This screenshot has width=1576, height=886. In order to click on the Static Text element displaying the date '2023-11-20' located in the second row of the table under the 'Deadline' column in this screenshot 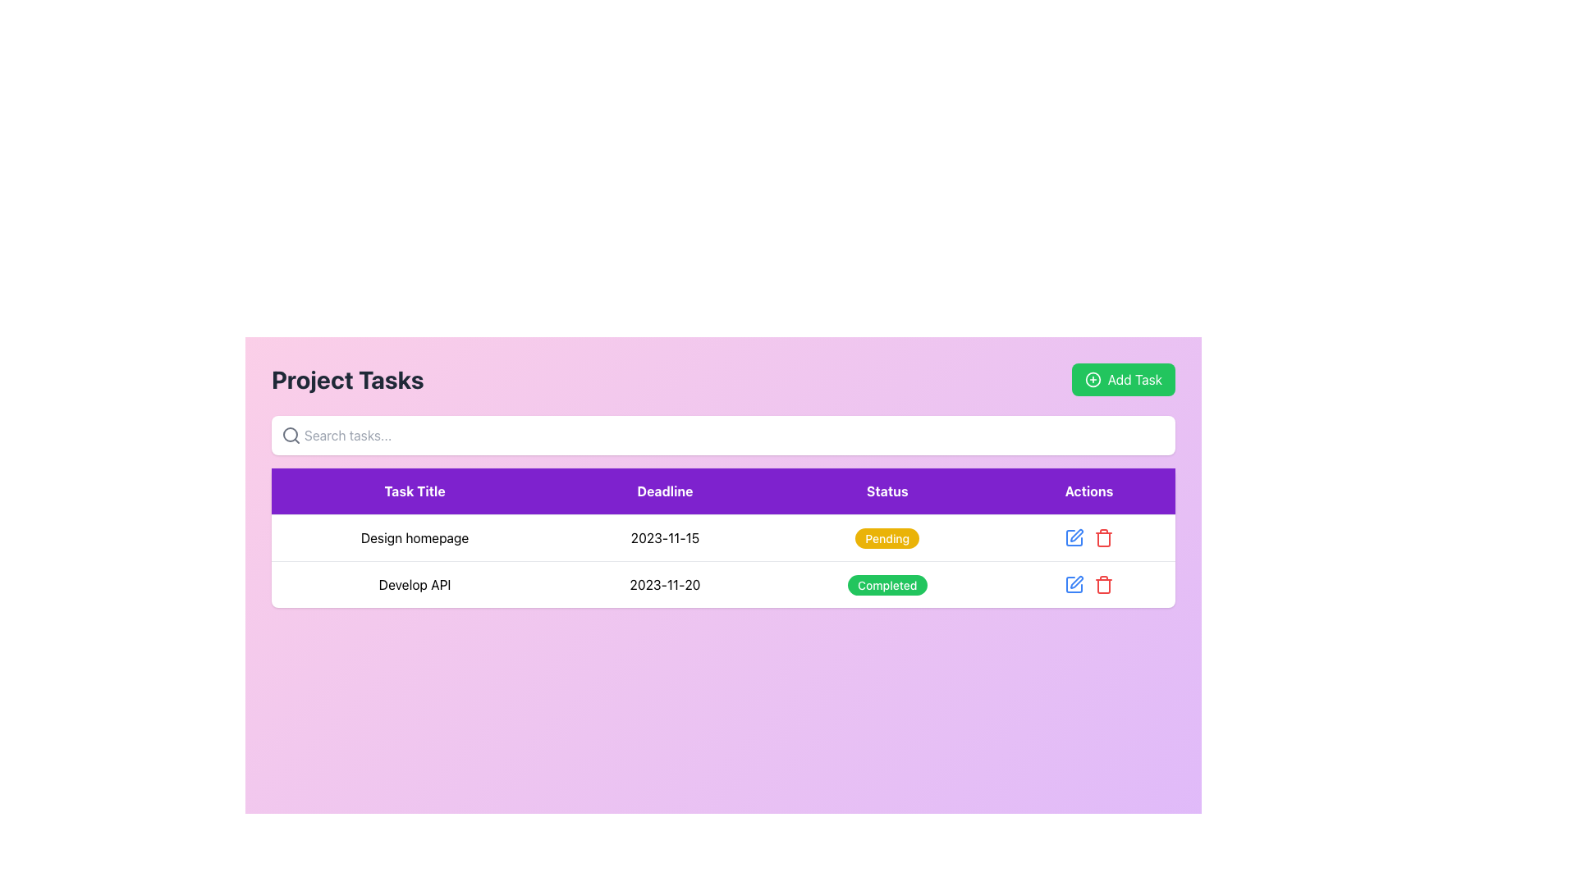, I will do `click(665, 583)`.